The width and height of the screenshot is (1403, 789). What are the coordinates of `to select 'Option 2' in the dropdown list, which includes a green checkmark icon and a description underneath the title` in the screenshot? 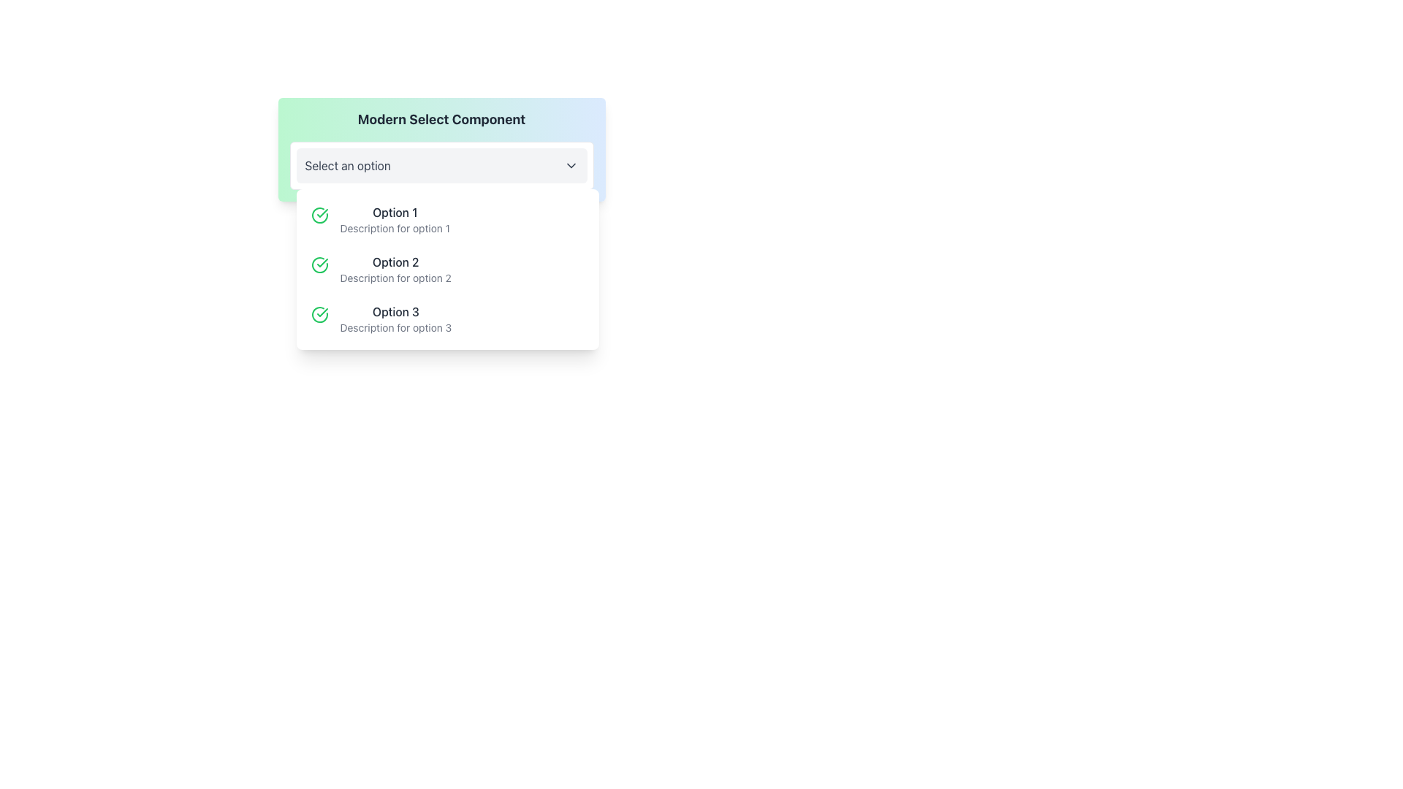 It's located at (446, 270).